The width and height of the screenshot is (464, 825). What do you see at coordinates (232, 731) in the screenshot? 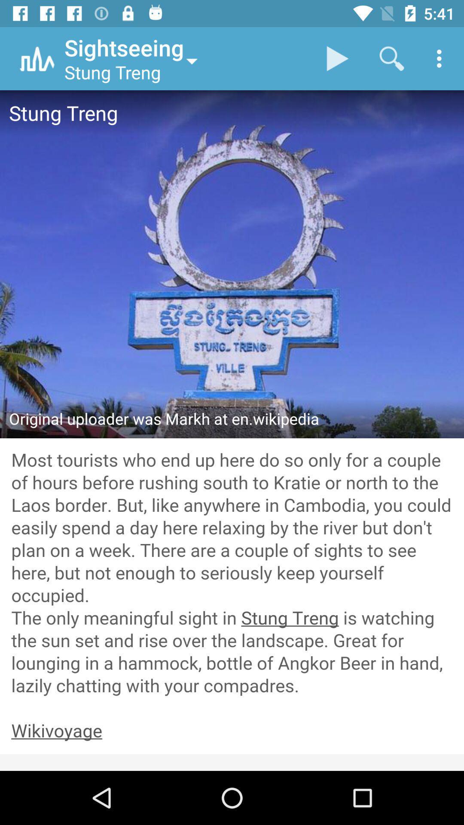
I see `new page` at bounding box center [232, 731].